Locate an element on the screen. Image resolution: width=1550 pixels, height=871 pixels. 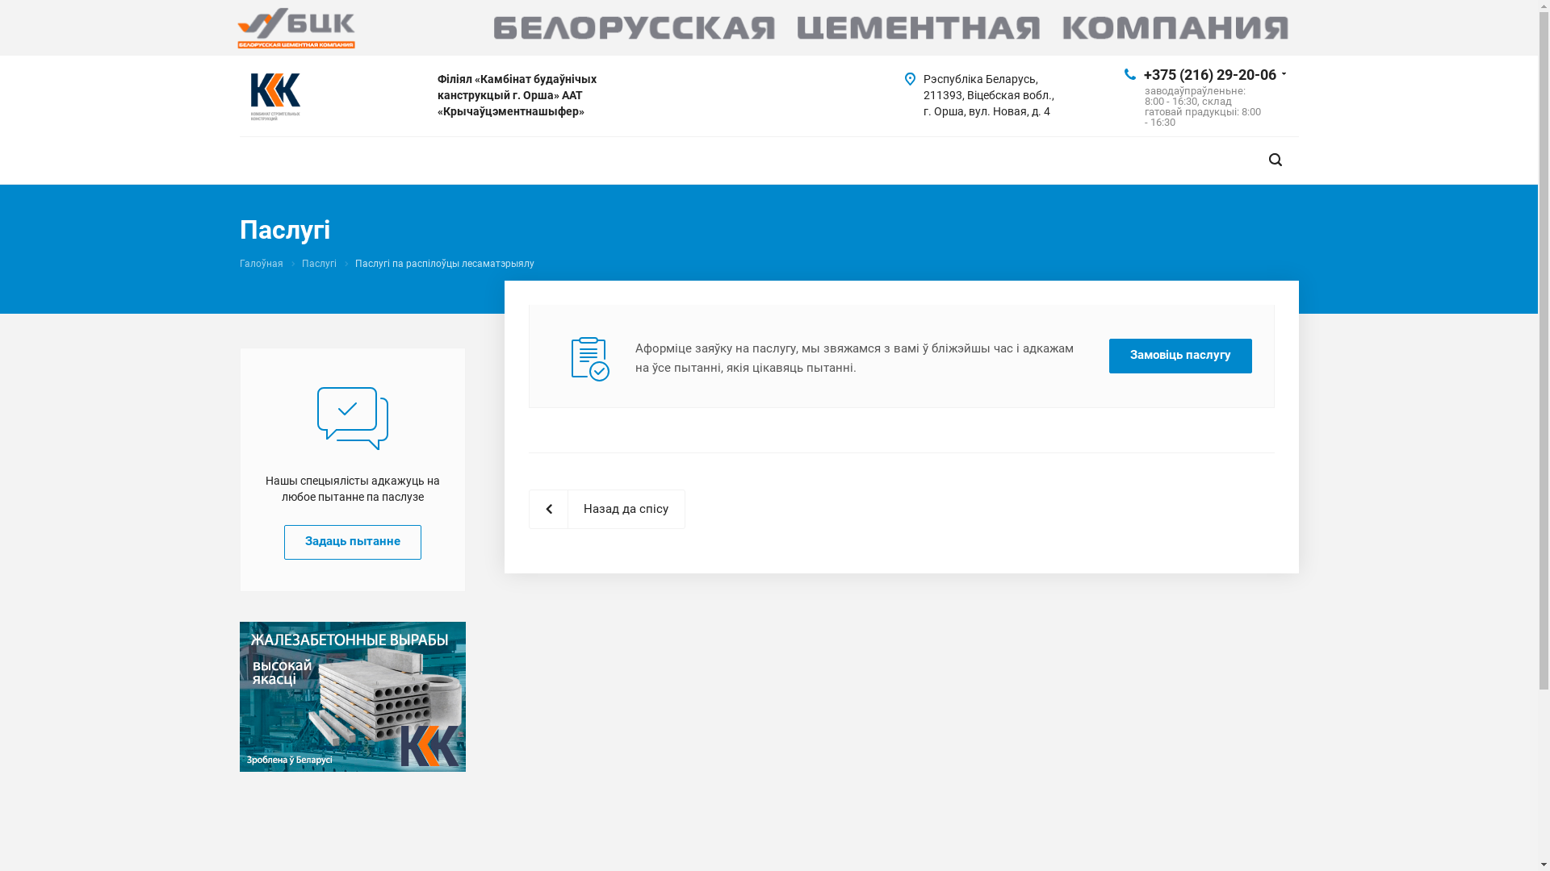
'+375 (216) 29-20-06' is located at coordinates (1209, 74).